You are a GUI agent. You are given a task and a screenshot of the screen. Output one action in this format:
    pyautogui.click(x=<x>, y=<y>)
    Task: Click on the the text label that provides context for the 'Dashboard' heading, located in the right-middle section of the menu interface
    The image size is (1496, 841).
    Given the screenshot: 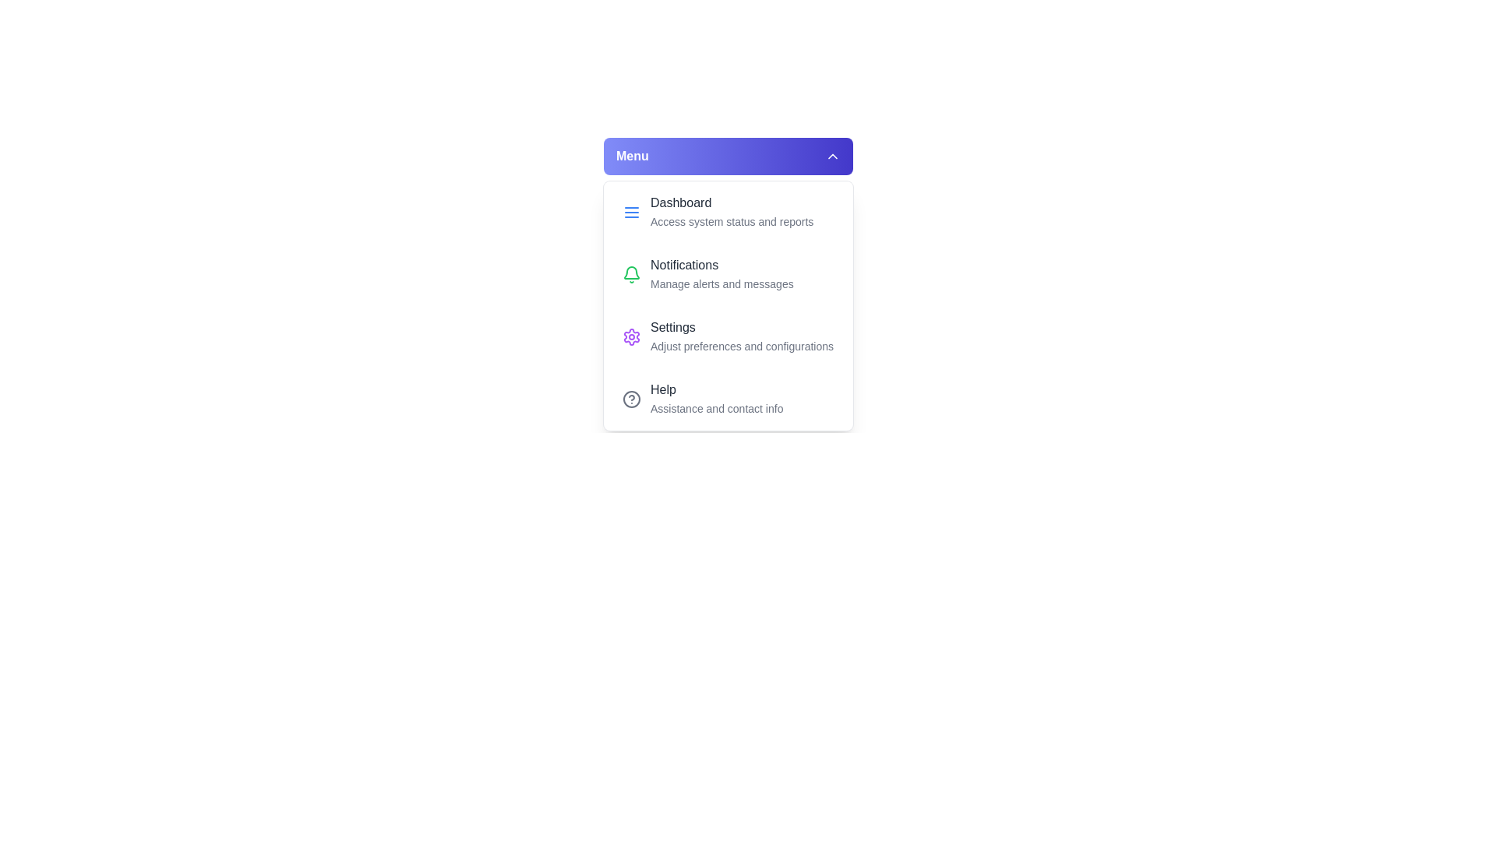 What is the action you would take?
    pyautogui.click(x=731, y=222)
    